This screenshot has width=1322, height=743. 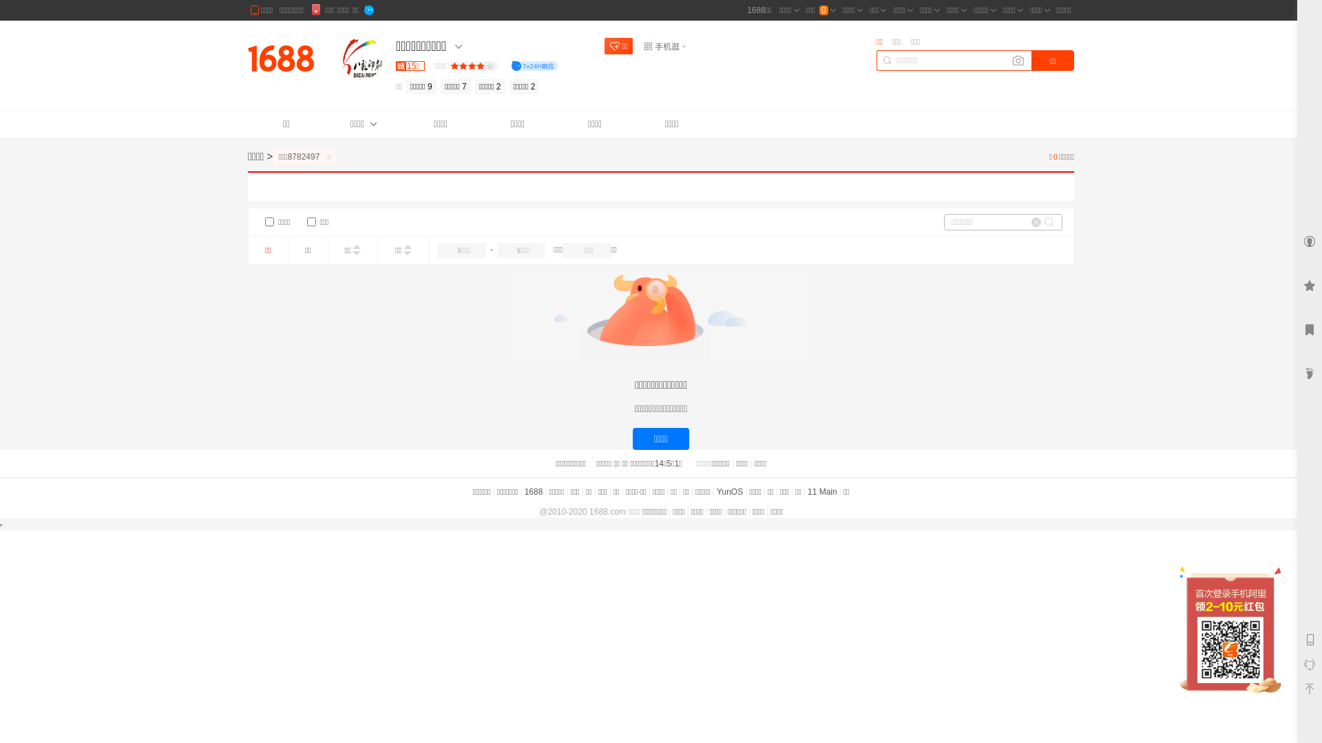 What do you see at coordinates (533, 491) in the screenshot?
I see `'1688'` at bounding box center [533, 491].